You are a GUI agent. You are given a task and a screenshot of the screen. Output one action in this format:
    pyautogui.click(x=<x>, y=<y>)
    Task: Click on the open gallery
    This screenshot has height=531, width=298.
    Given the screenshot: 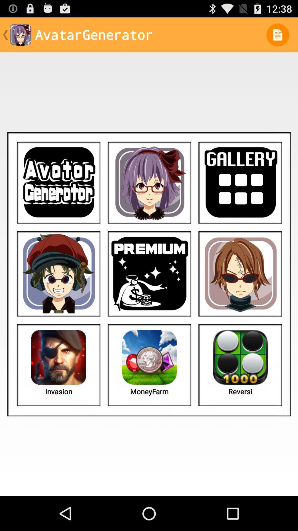 What is the action you would take?
    pyautogui.click(x=240, y=183)
    